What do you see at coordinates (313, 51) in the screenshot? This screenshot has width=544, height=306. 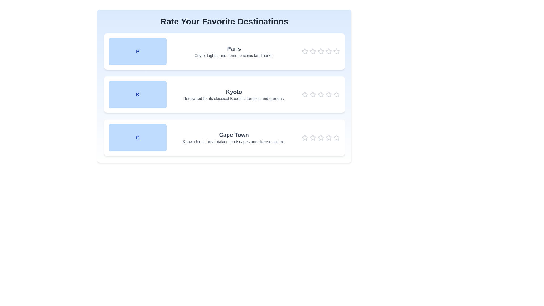 I see `the second star icon in the rating system for the 'Paris' destination` at bounding box center [313, 51].